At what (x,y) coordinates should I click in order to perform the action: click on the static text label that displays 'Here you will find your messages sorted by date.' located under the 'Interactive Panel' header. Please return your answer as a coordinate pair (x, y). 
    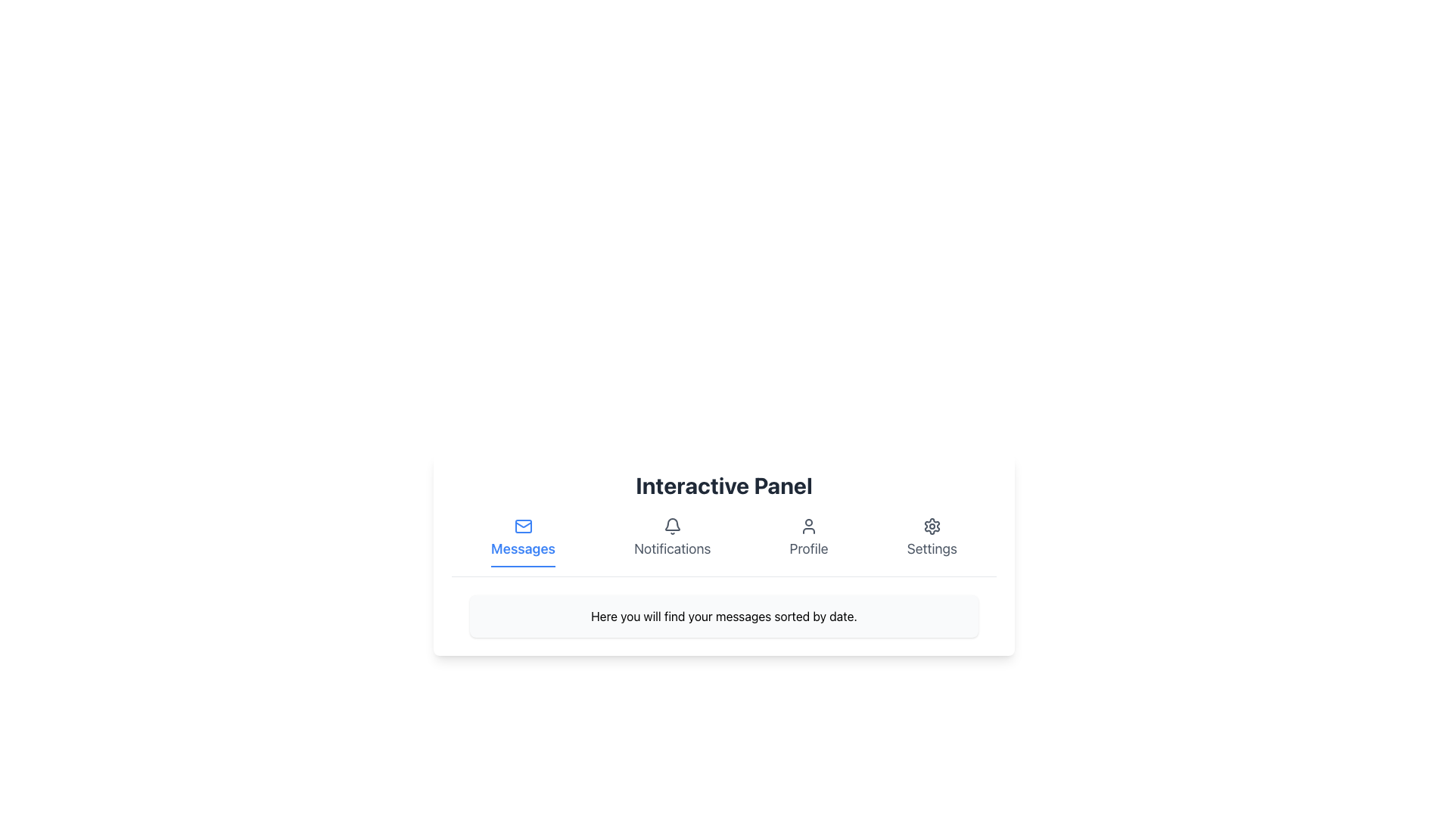
    Looking at the image, I should click on (723, 616).